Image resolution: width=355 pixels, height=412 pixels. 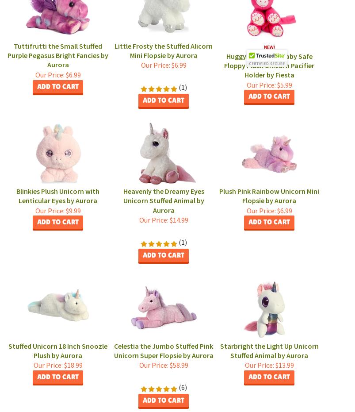 What do you see at coordinates (62, 364) in the screenshot?
I see `'$18.99'` at bounding box center [62, 364].